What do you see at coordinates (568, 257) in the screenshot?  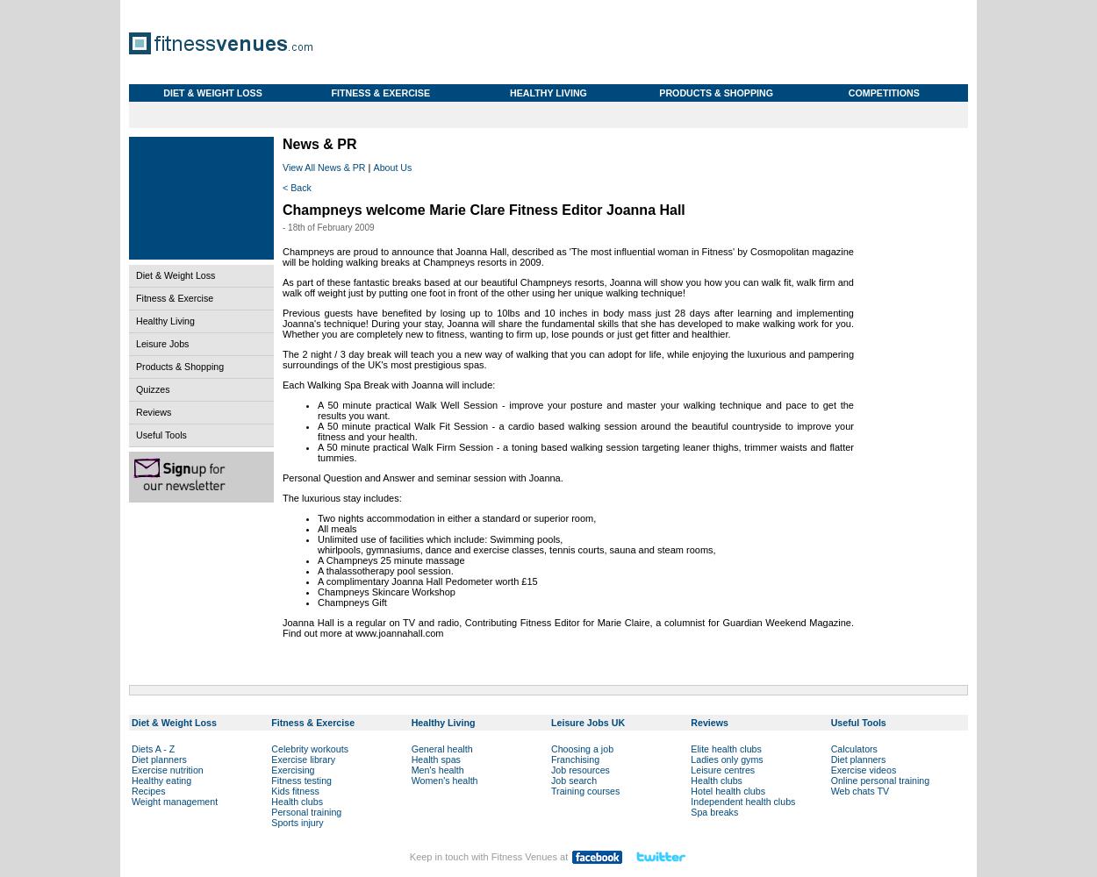 I see `'Champneys are proud to announce that Joanna Hall, described as 'The most influential woman in Fitness' by Cosmopolitan magazine will be holding walking breaks at Champneys resorts in 2009.'` at bounding box center [568, 257].